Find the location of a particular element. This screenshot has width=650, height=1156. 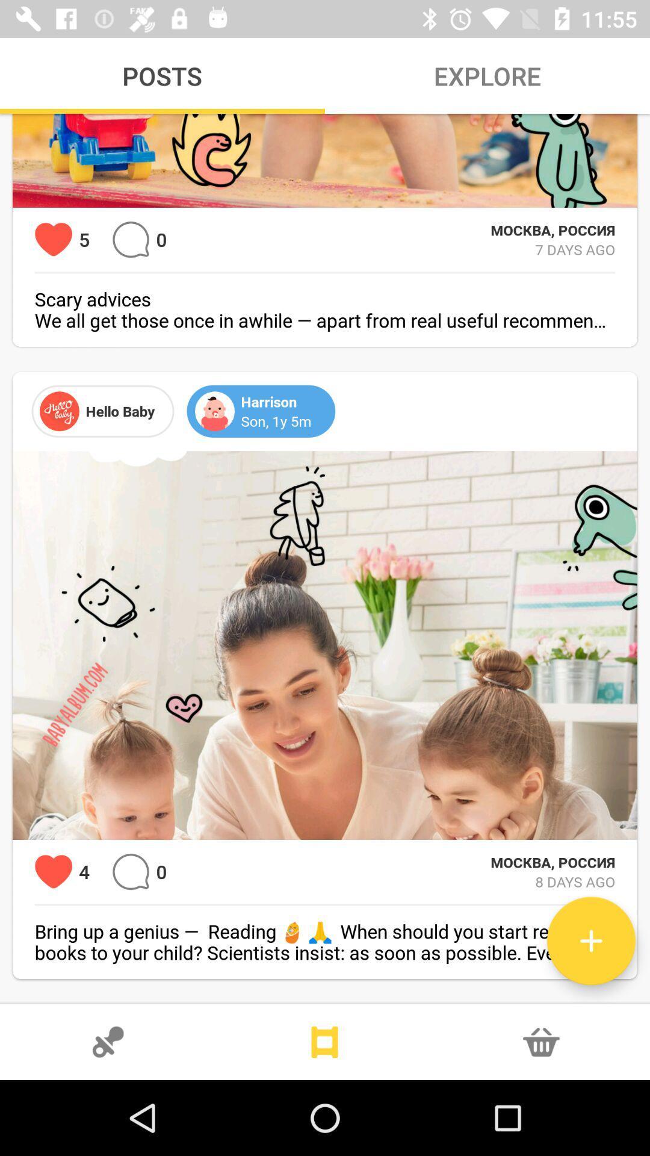

a comment is located at coordinates (131, 872).